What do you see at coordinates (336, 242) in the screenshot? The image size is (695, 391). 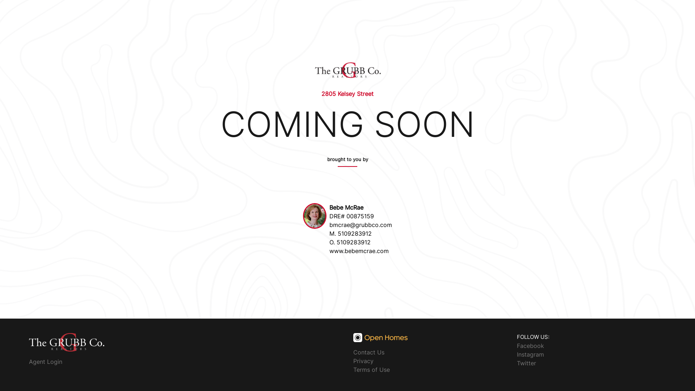 I see `'5109283912'` at bounding box center [336, 242].